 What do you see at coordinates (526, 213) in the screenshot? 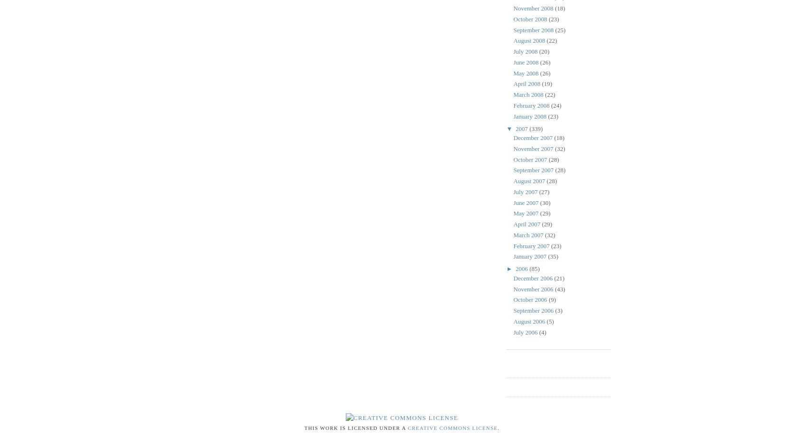
I see `'May 2007'` at bounding box center [526, 213].